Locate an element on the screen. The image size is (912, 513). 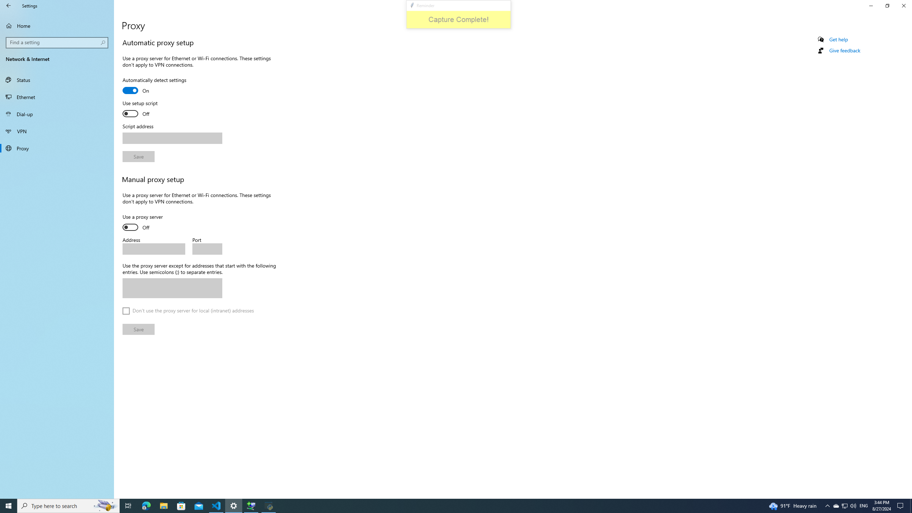
'Script address' is located at coordinates (172, 138).